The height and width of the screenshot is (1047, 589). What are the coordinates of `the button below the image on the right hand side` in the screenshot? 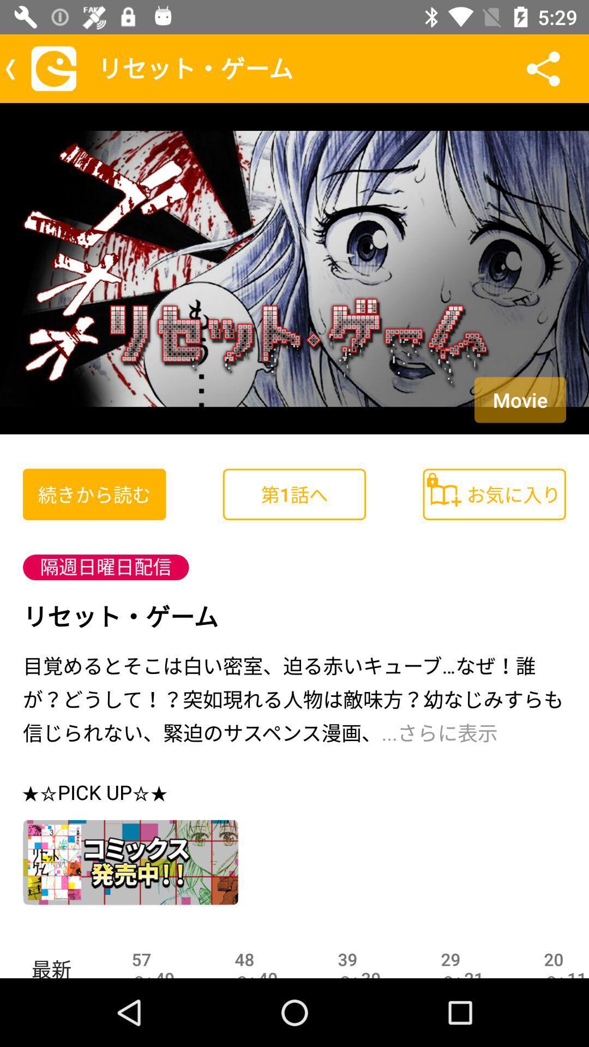 It's located at (494, 494).